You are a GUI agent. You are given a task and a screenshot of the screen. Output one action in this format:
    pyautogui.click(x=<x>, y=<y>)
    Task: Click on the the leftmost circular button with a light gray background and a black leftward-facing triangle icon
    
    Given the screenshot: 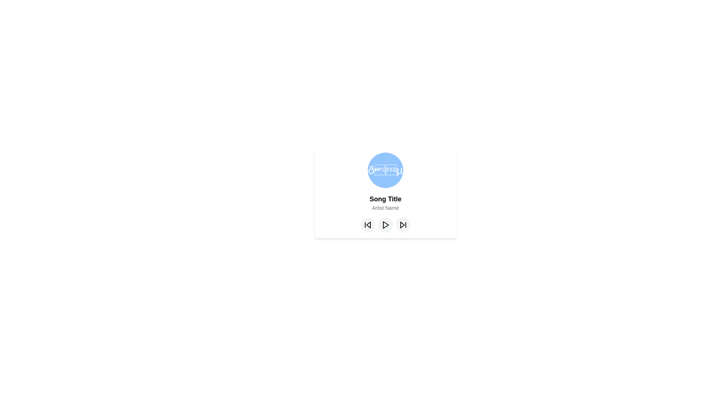 What is the action you would take?
    pyautogui.click(x=368, y=225)
    